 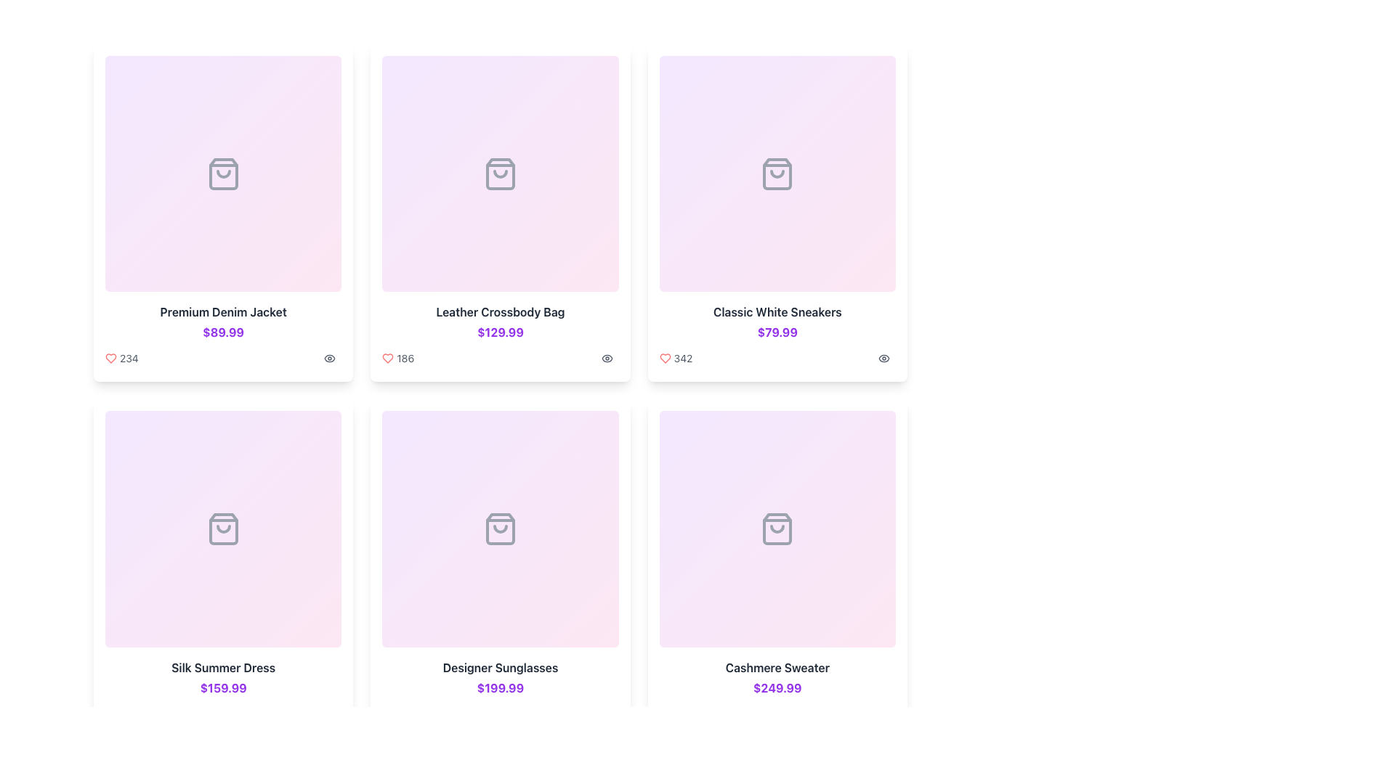 I want to click on the text label displaying '$89.99' in bold purple font, located in the product card for the 'Premium Denim Jacket', directly beneath the product title, so click(x=222, y=332).